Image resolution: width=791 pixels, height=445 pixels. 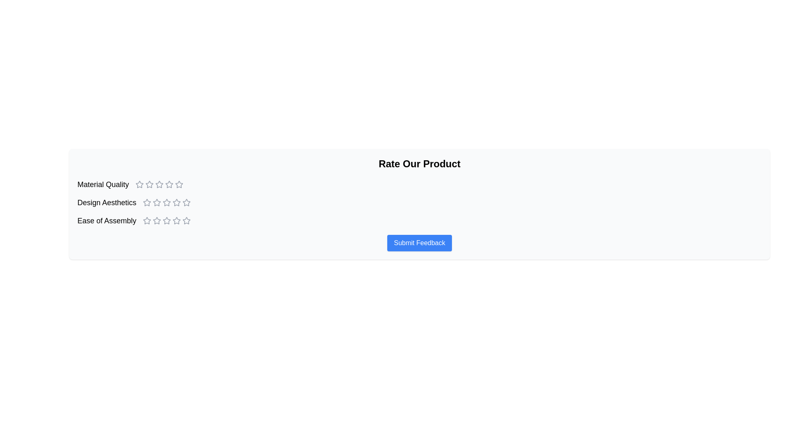 I want to click on the first star icon in the rating section, so click(x=140, y=184).